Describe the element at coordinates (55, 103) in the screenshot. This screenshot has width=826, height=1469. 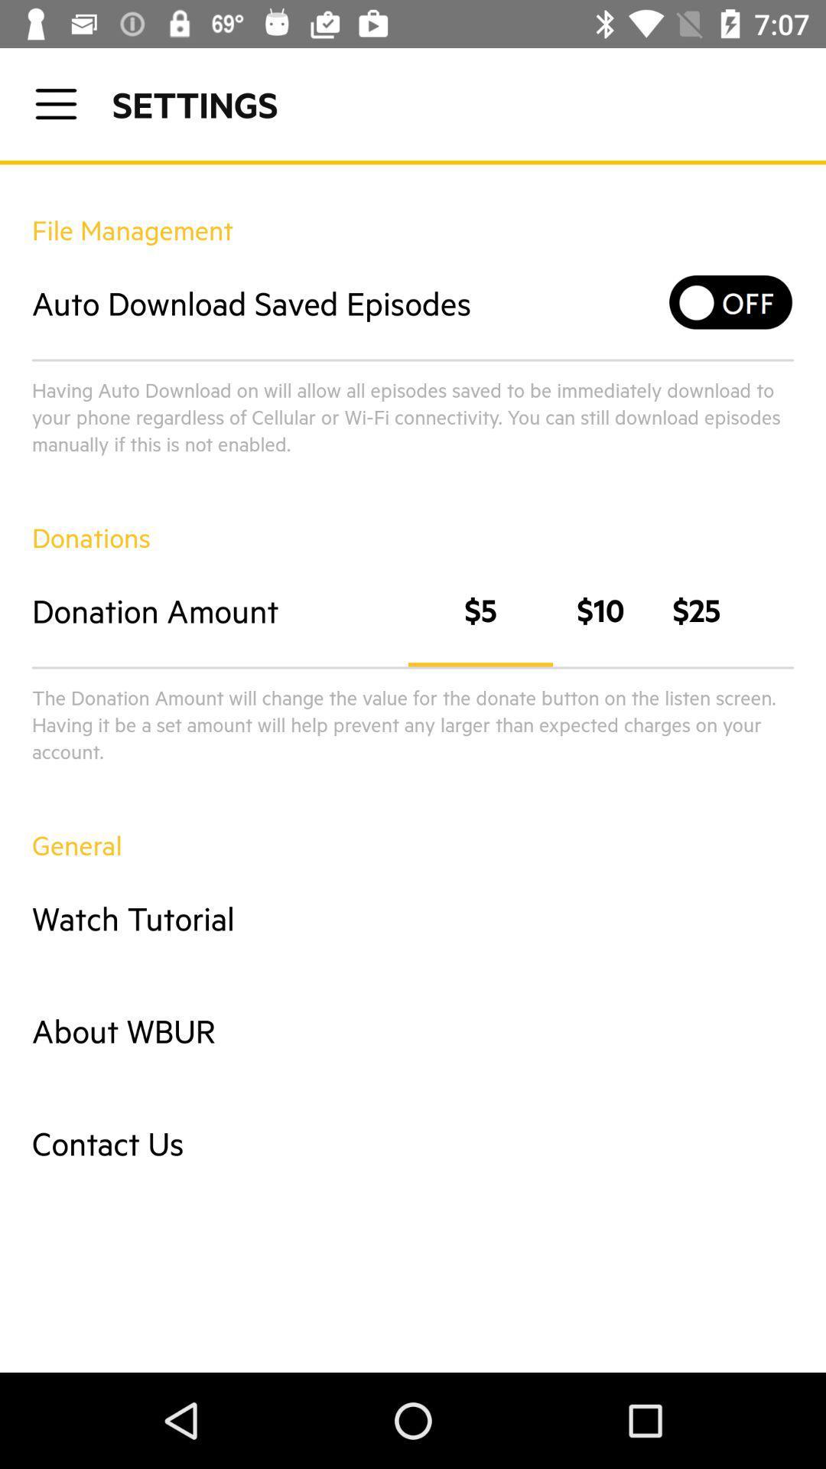
I see `open menu` at that location.